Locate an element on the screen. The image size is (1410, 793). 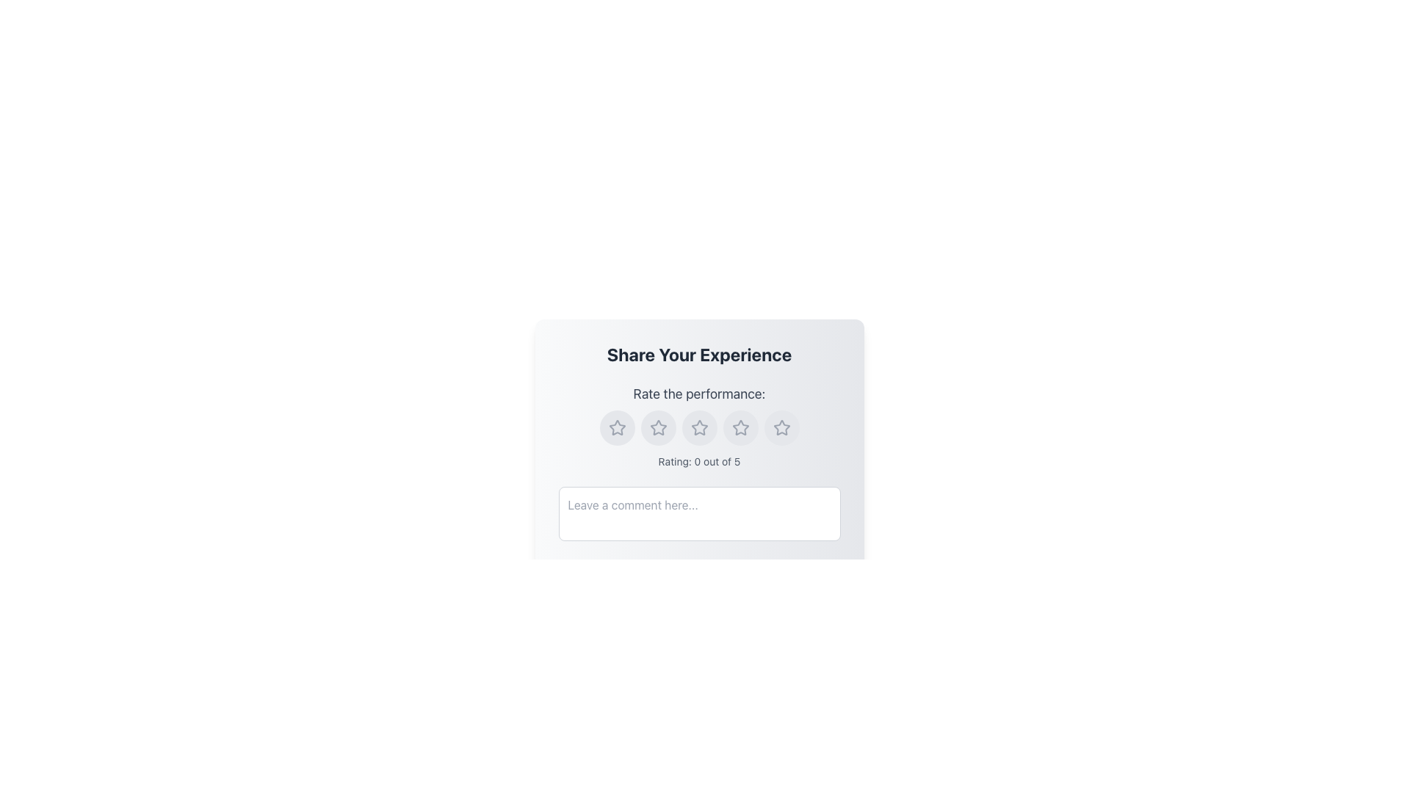
the second rating star, which represents a score of two out of five is located at coordinates (698, 427).